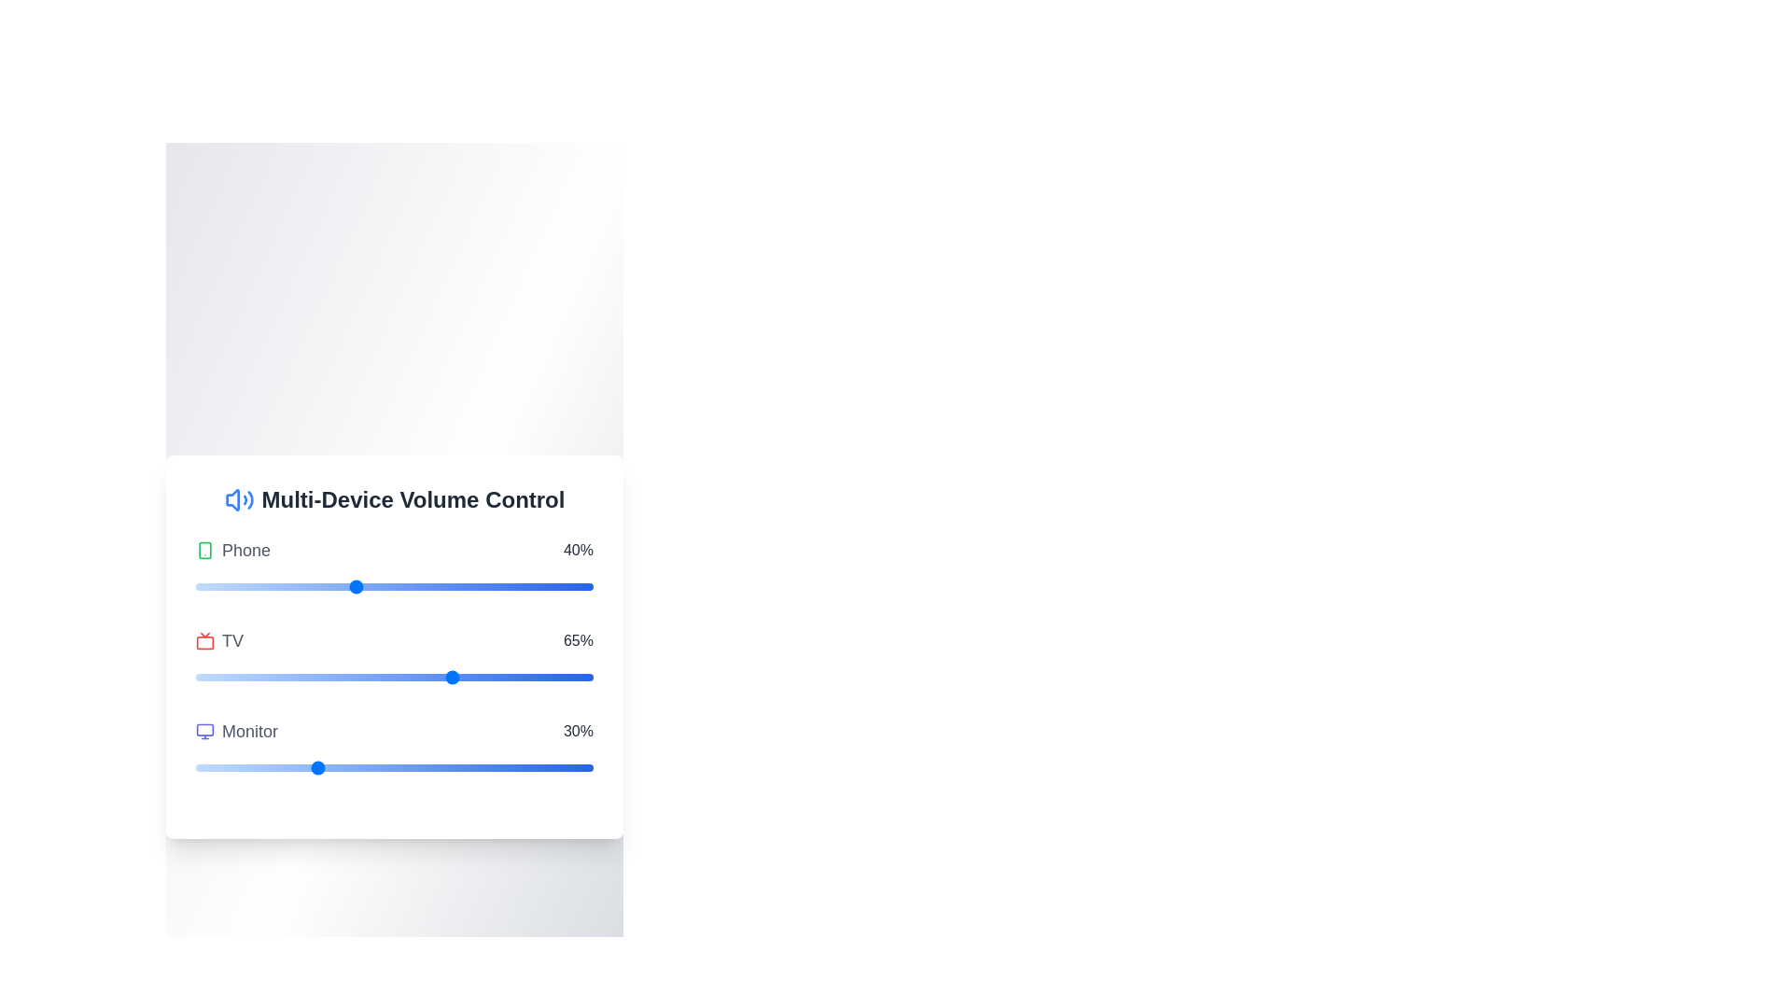  What do you see at coordinates (588, 677) in the screenshot?
I see `TV volume` at bounding box center [588, 677].